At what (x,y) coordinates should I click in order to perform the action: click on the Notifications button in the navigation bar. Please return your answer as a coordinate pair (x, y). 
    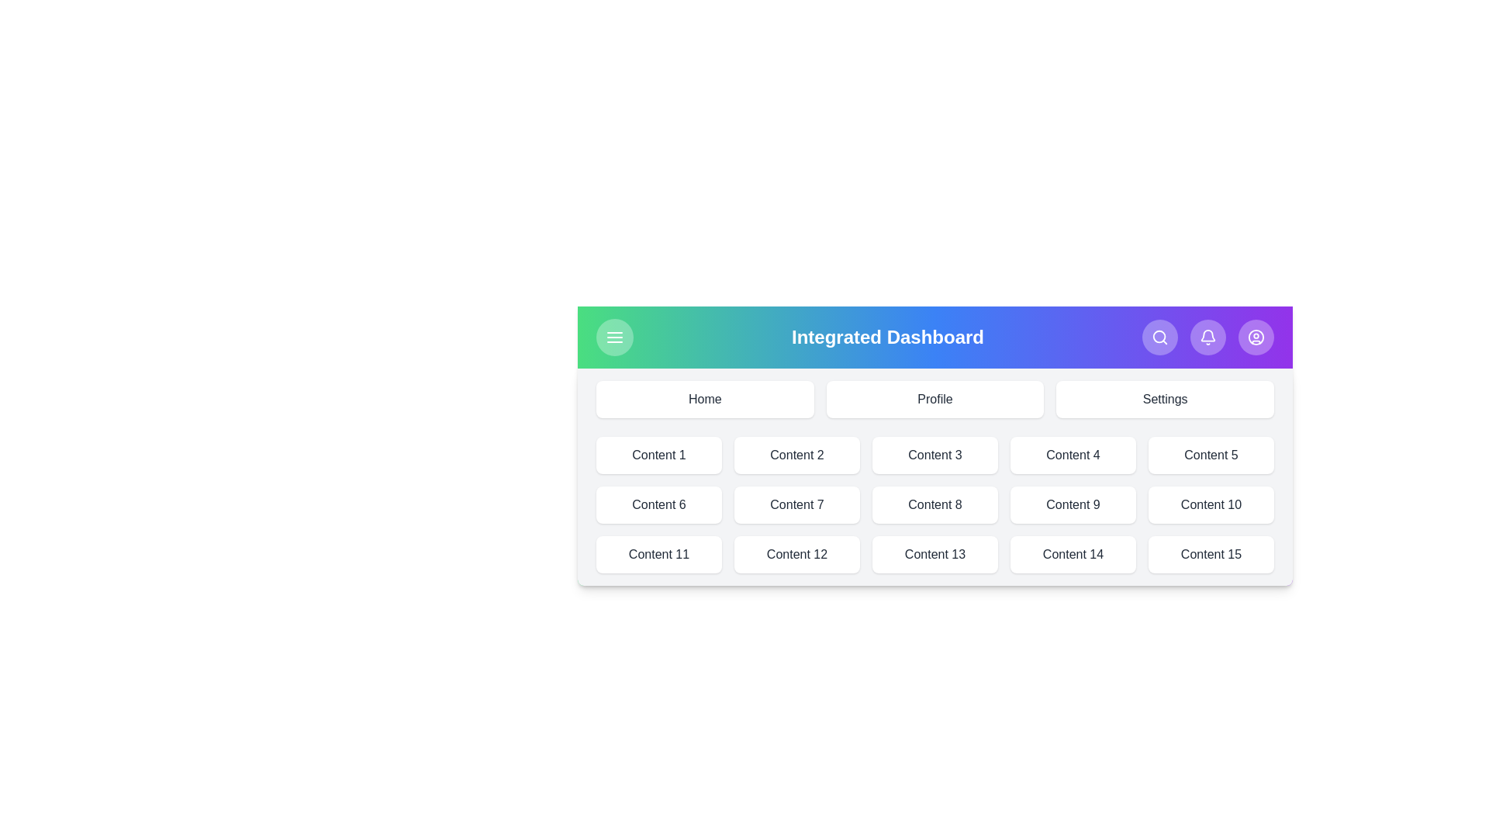
    Looking at the image, I should click on (1207, 337).